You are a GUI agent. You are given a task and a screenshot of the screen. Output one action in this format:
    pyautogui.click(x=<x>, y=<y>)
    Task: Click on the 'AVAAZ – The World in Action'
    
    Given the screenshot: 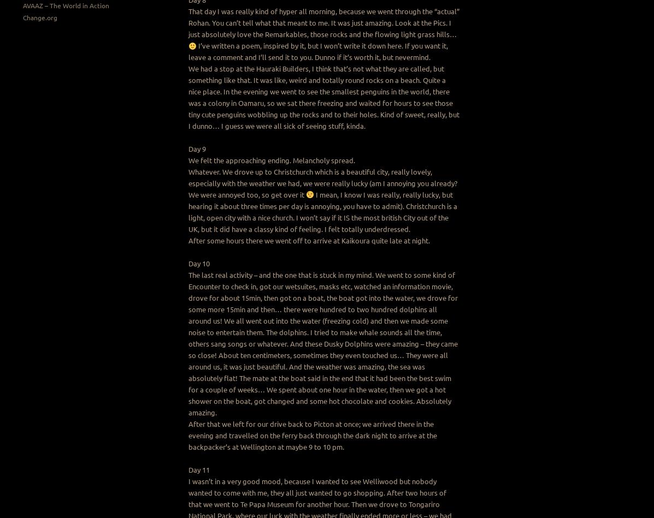 What is the action you would take?
    pyautogui.click(x=65, y=5)
    